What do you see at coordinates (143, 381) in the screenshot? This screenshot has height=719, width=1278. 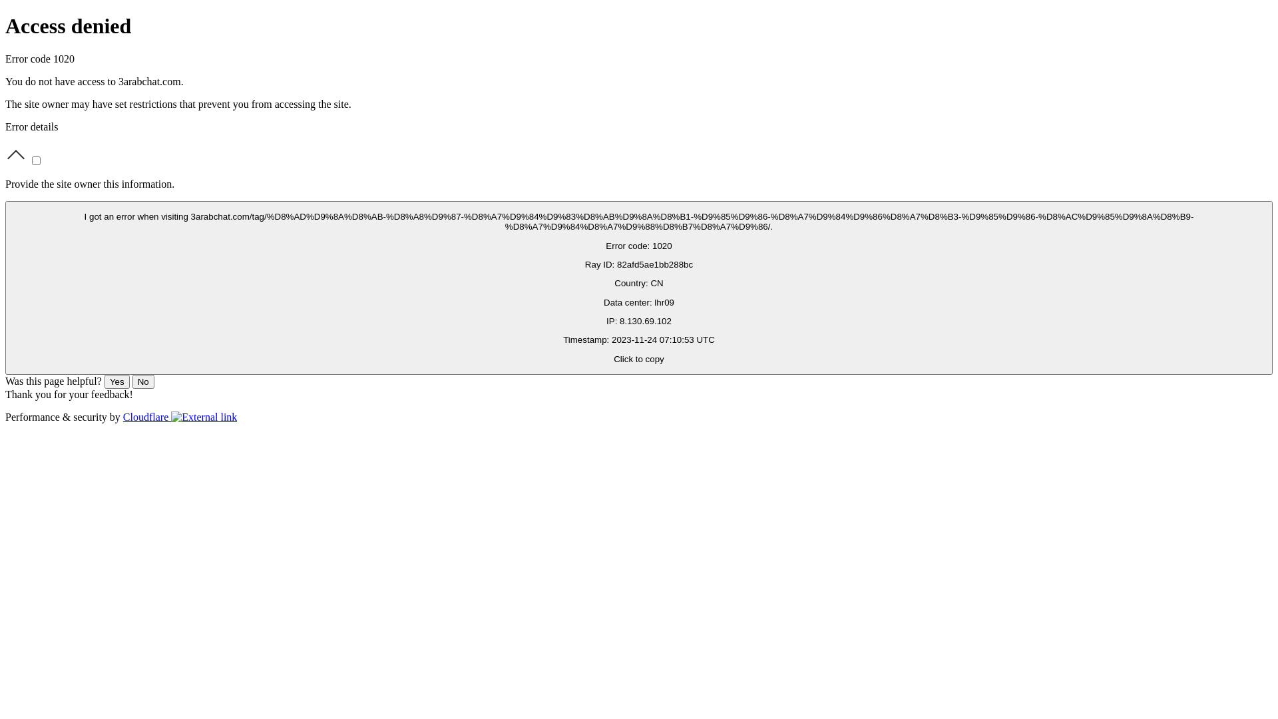 I see `'No'` at bounding box center [143, 381].